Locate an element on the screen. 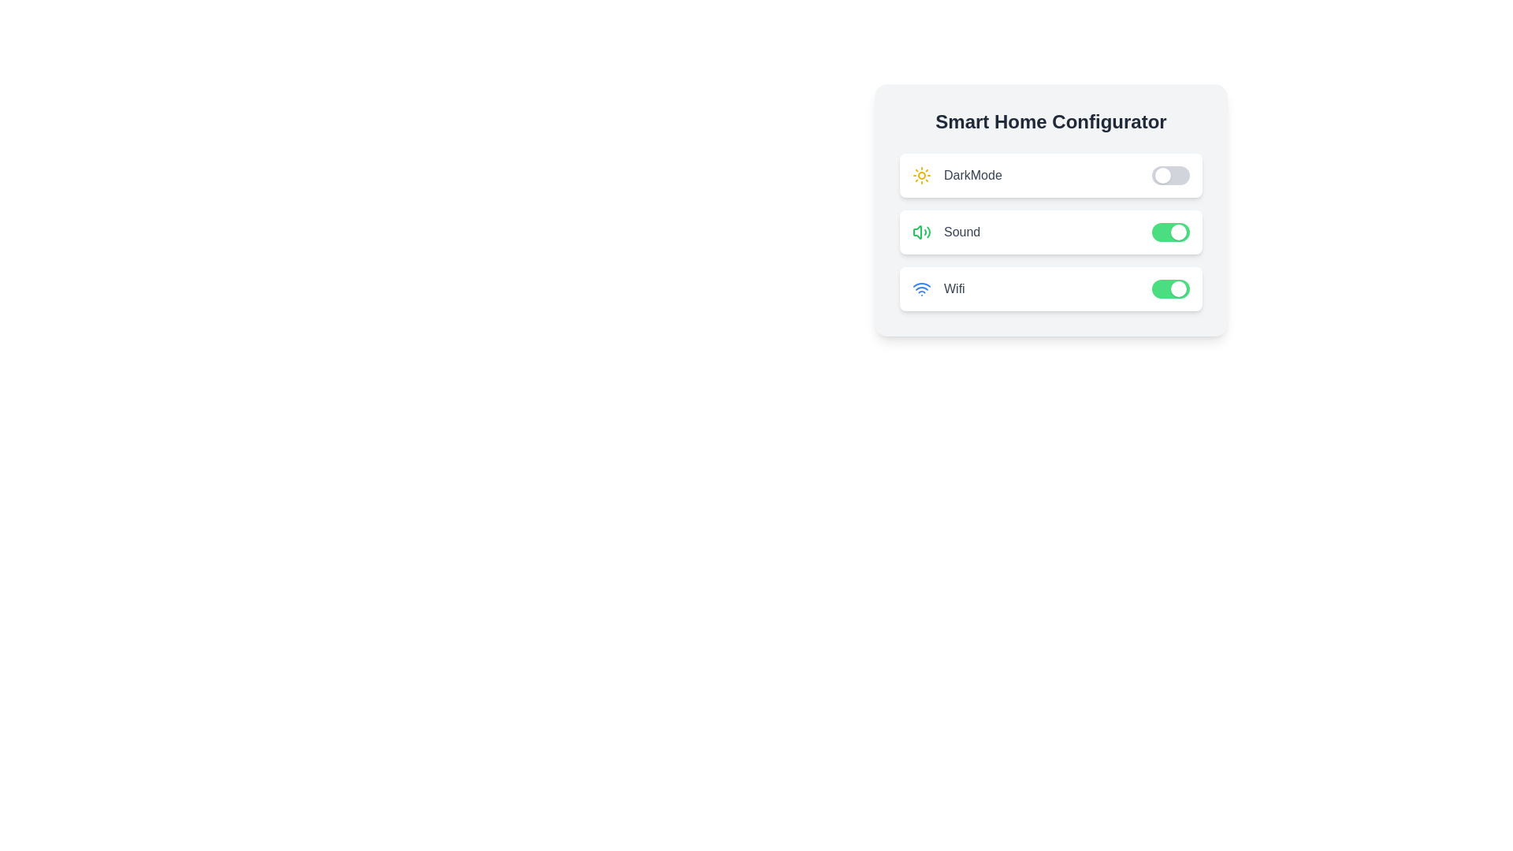  the Wi-Fi signal icon, which is colored blue and has an array of curved lines diminishing in size, located to the left of the 'WiFi' text is located at coordinates (922, 288).